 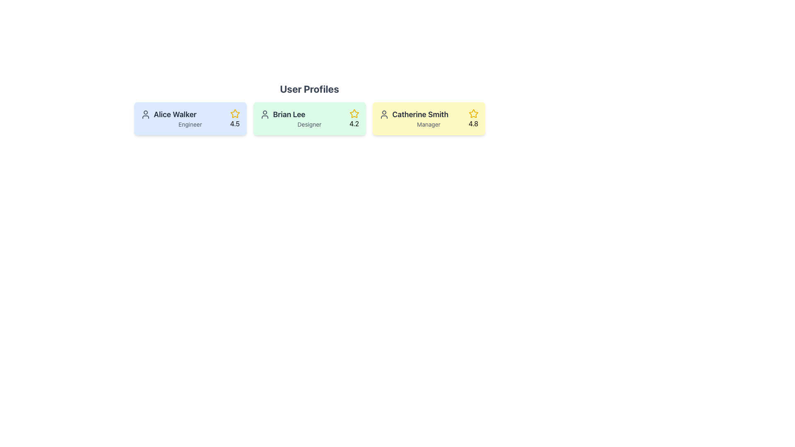 What do you see at coordinates (234, 118) in the screenshot?
I see `rating information displayed as '4.5' in bold font, accompanied by a yellow star icon, located in the profile card of 'Alice Walker' in the top right corner above the 'Engineer' role text` at bounding box center [234, 118].